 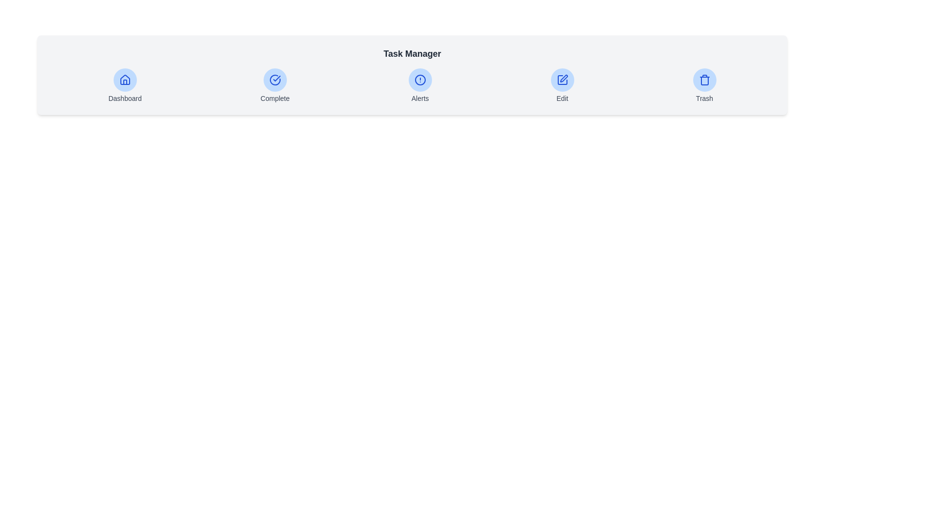 I want to click on the navigation button located between 'Complete' and 'Edit', so click(x=420, y=85).